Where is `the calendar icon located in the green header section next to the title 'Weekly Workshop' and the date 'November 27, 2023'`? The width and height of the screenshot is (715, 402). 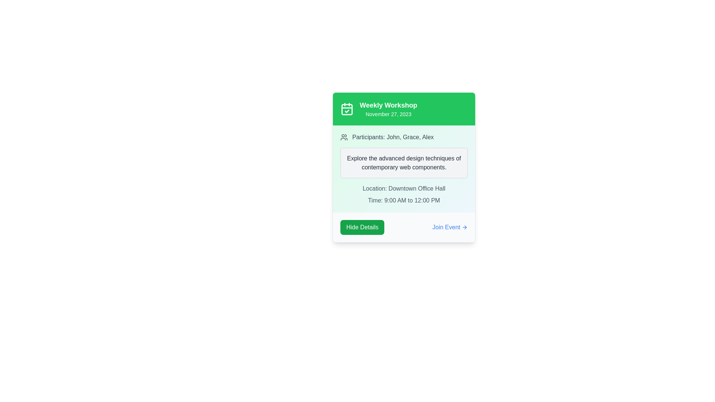 the calendar icon located in the green header section next to the title 'Weekly Workshop' and the date 'November 27, 2023' is located at coordinates (346, 109).